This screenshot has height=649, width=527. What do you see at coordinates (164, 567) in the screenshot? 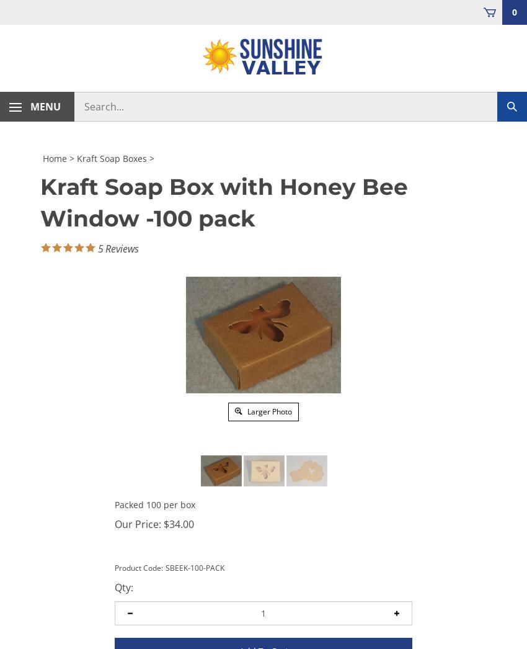
I see `'SBEEK-100-PACK'` at bounding box center [164, 567].